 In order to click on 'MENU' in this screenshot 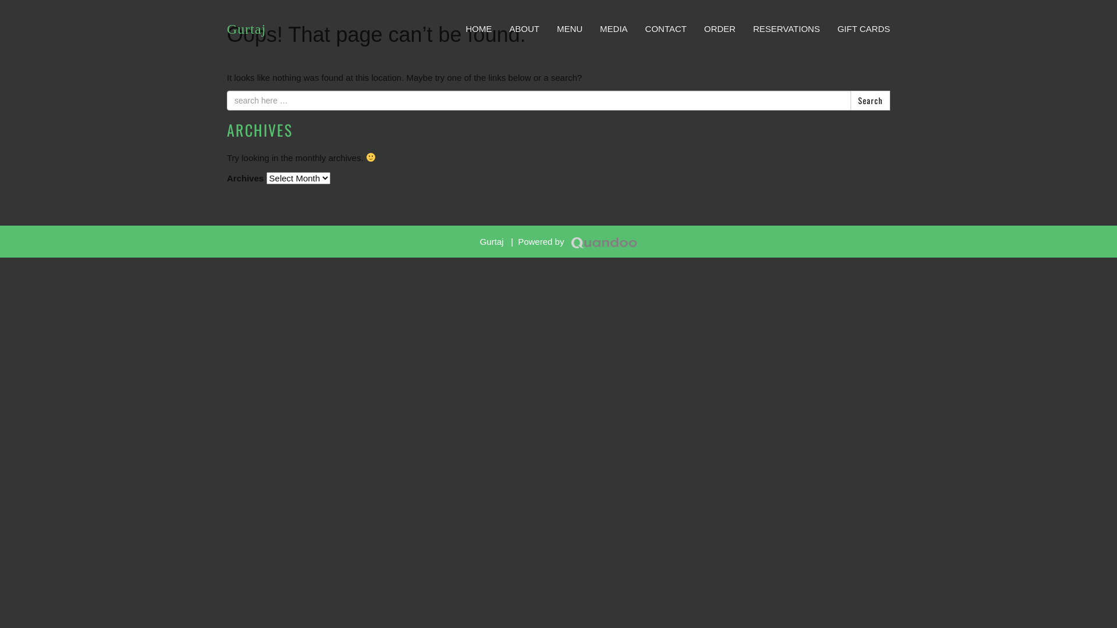, I will do `click(570, 28)`.